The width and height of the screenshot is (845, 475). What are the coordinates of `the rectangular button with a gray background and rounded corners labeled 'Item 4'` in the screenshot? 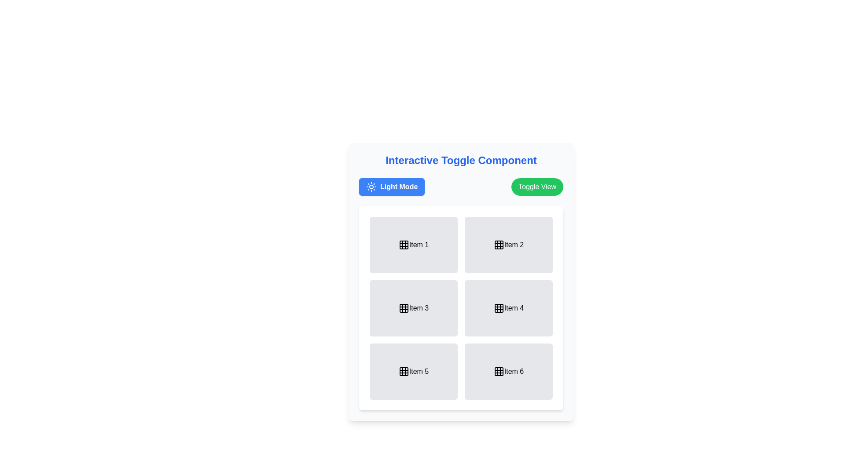 It's located at (509, 308).